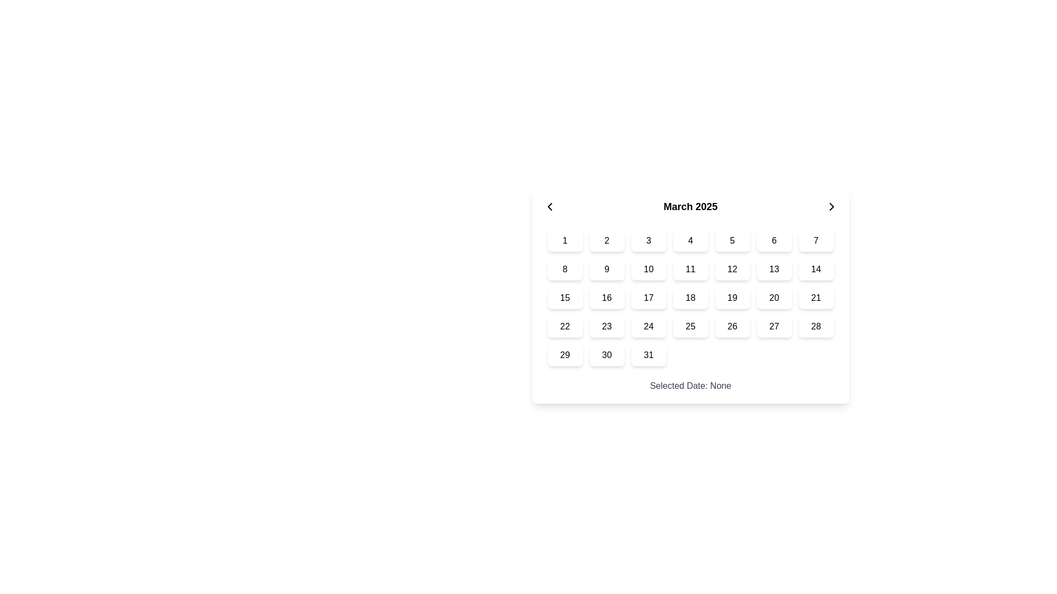 The width and height of the screenshot is (1057, 594). What do you see at coordinates (690, 298) in the screenshot?
I see `the grid layout element that displays days in a calendar format, located below the title 'March 2025' and above 'Selected Date: None'` at bounding box center [690, 298].